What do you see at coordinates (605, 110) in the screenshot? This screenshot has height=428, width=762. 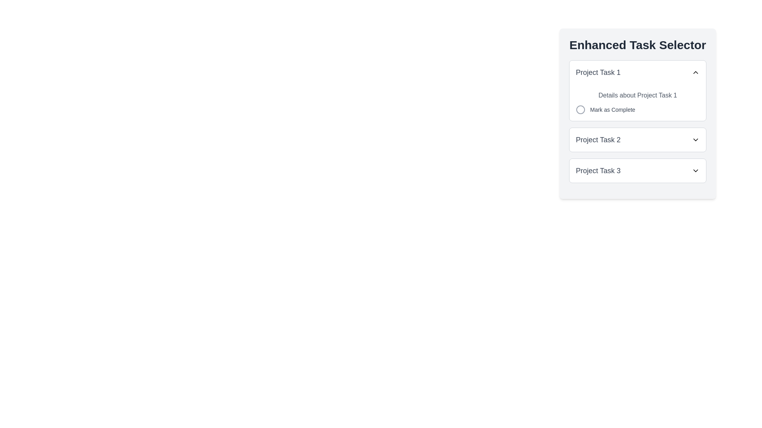 I see `the 'Mark as Complete' button, which consists of a circular icon and the text styled in light gray, located in the 'Details about Project Task 1' panel` at bounding box center [605, 110].